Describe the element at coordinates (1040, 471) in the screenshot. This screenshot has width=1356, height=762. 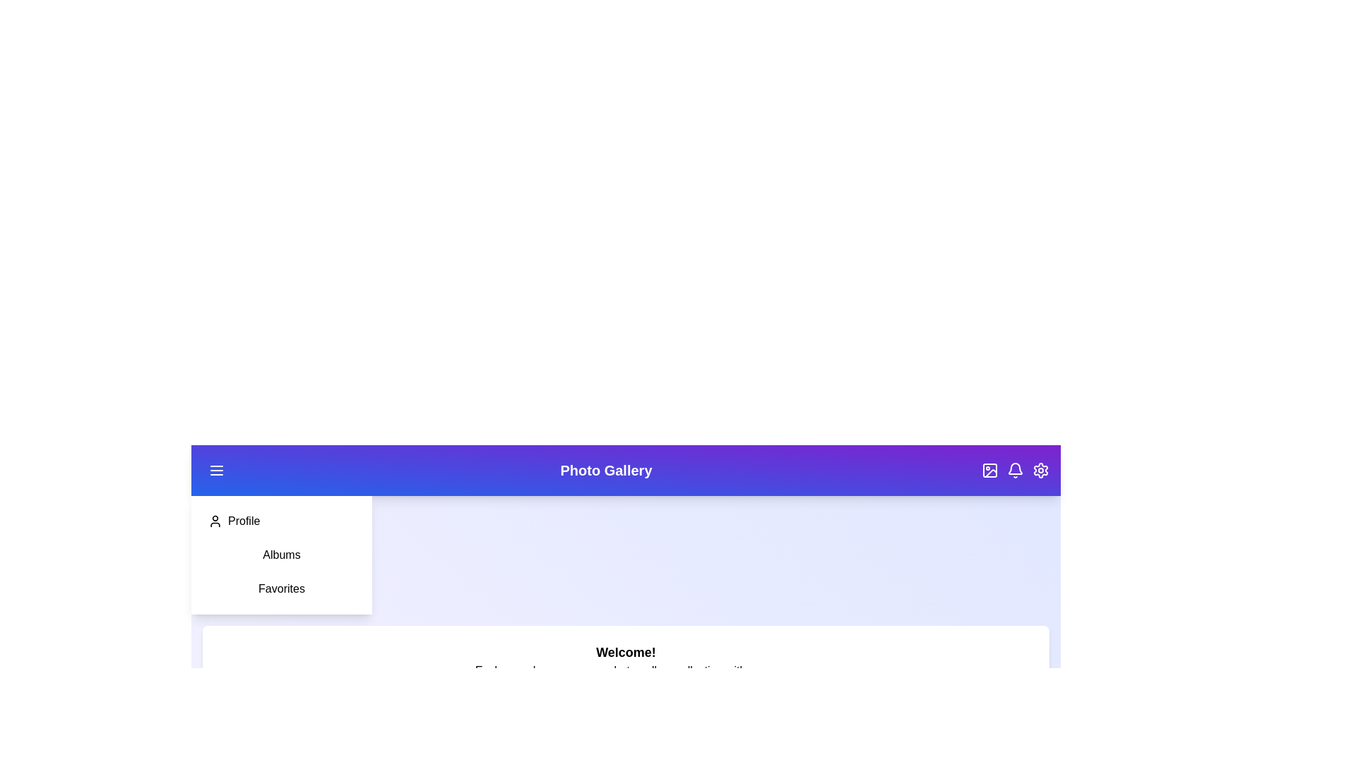
I see `the 'Settings' button in the header` at that location.